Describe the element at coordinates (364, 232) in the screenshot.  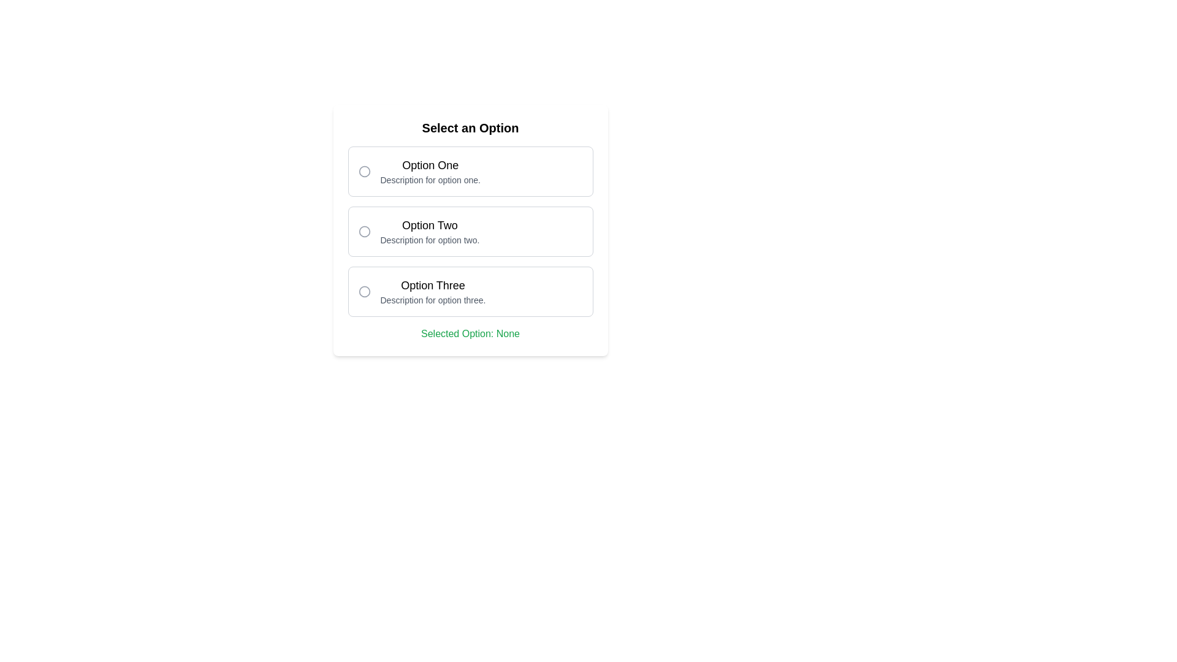
I see `the radio button for 'Option Two'` at that location.